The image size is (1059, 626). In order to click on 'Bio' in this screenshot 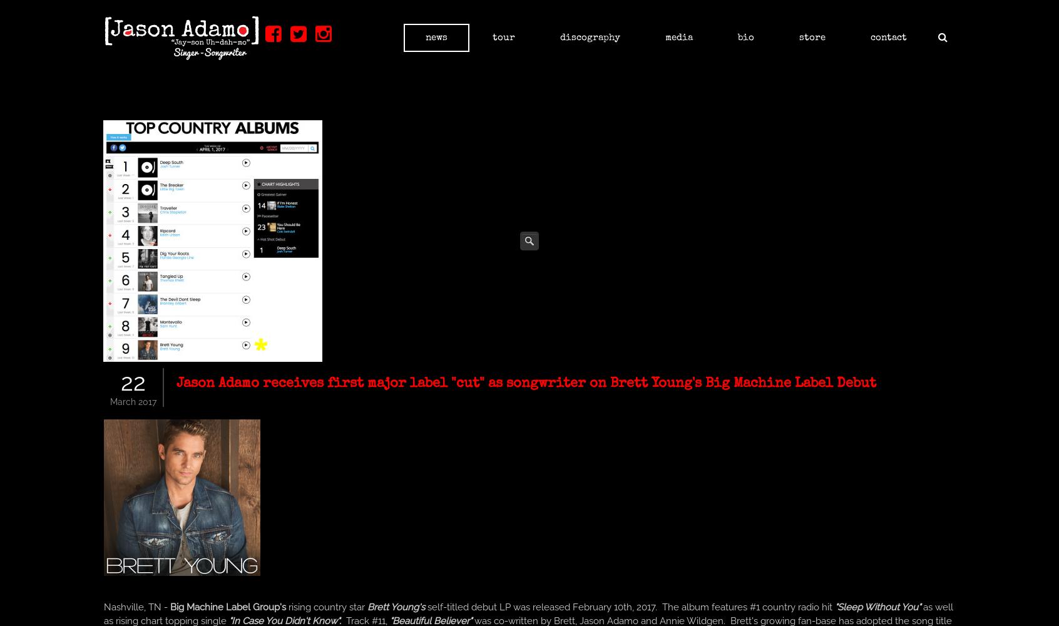, I will do `click(745, 38)`.